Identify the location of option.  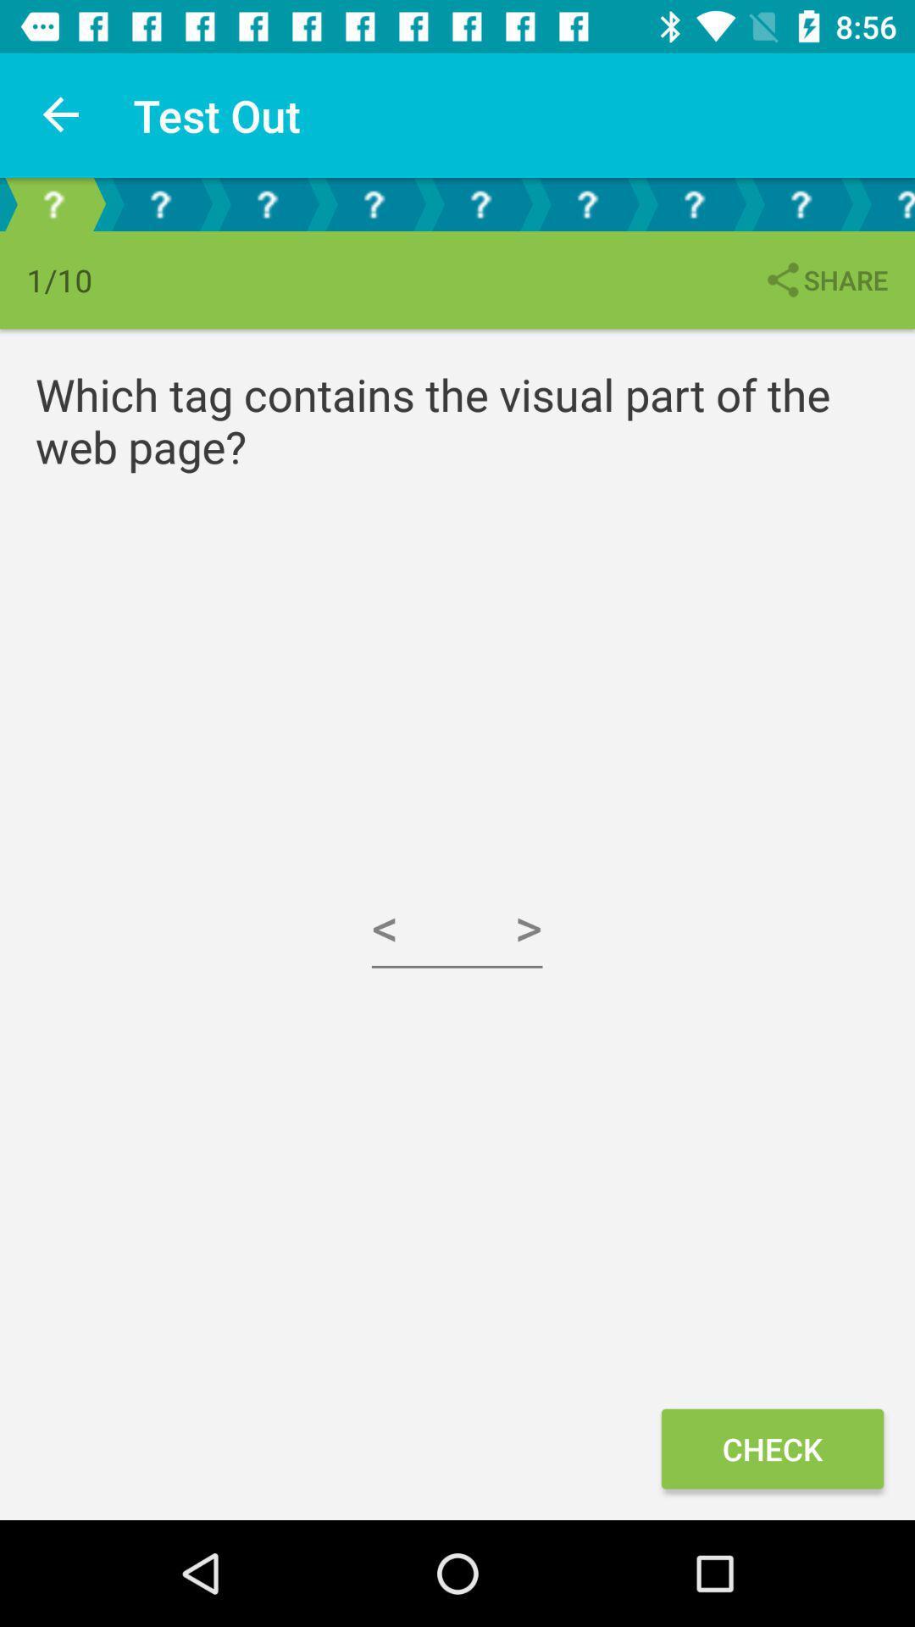
(267, 203).